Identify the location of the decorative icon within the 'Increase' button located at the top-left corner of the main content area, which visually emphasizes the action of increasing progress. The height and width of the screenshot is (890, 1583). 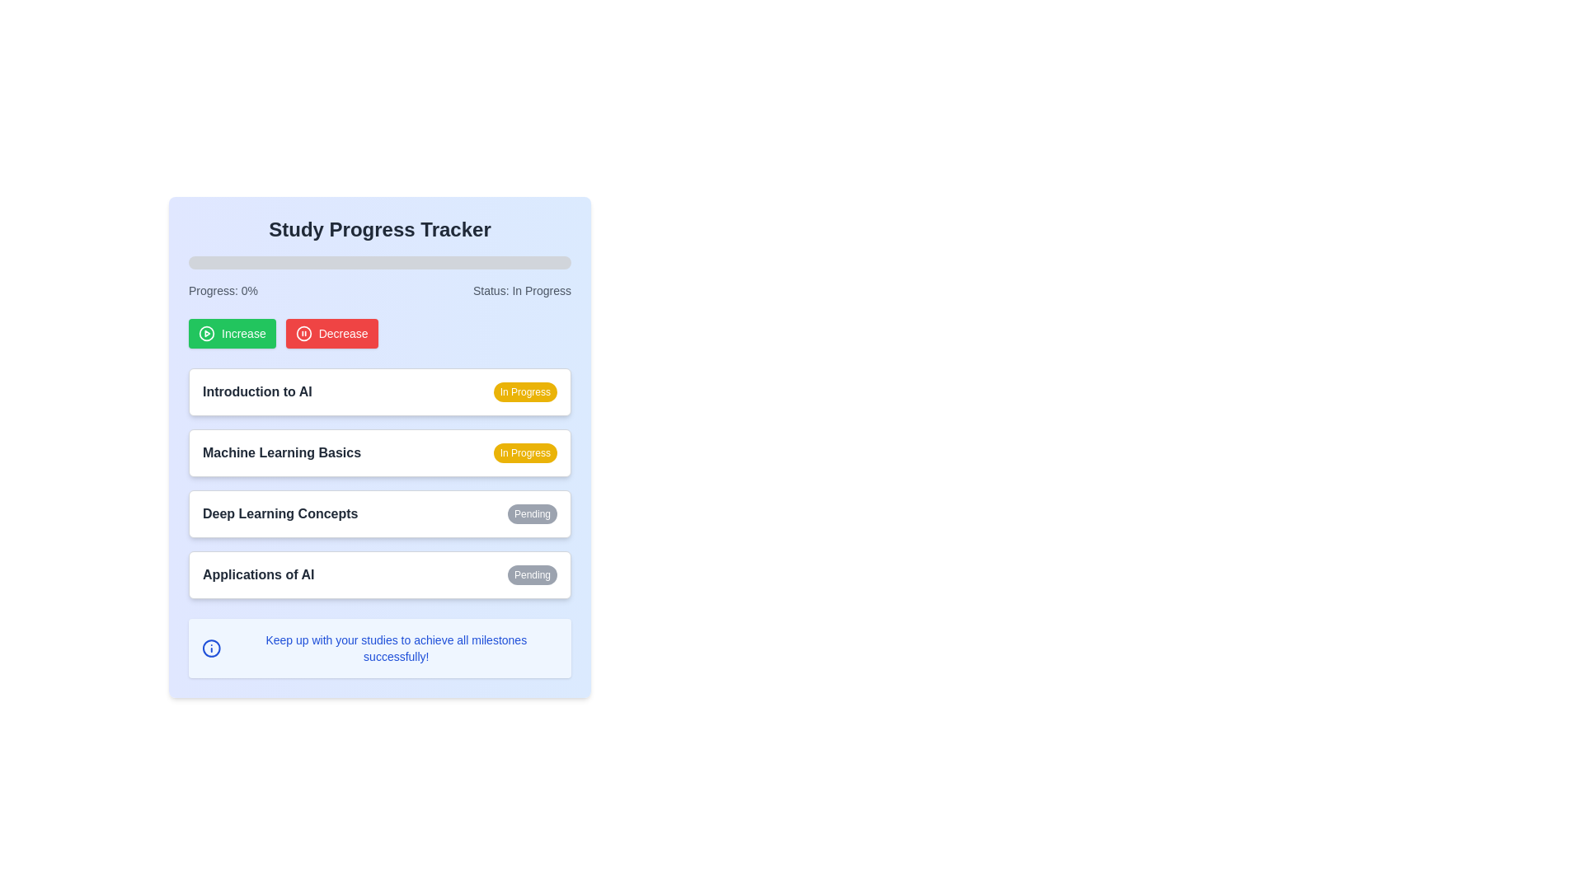
(205, 334).